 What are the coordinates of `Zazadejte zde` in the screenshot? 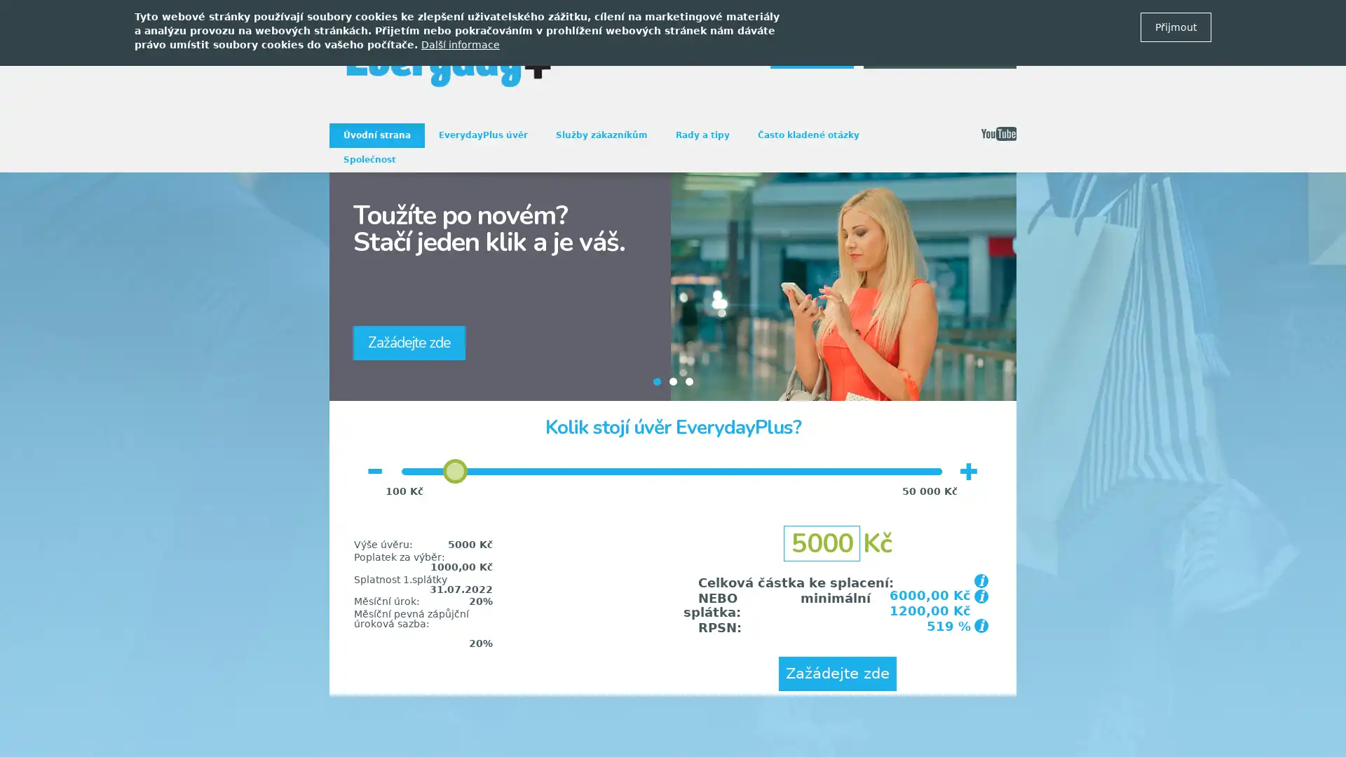 It's located at (838, 673).